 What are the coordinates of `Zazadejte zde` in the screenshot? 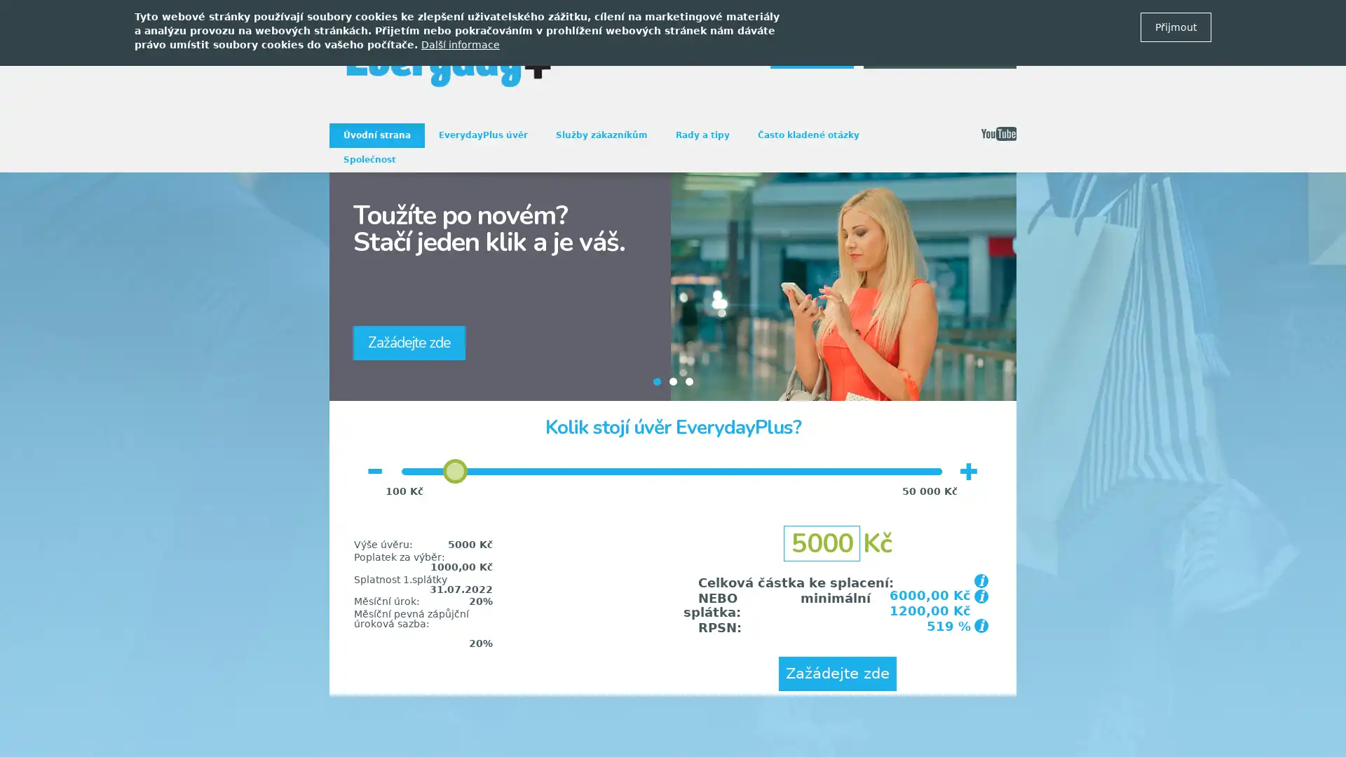 It's located at (838, 673).